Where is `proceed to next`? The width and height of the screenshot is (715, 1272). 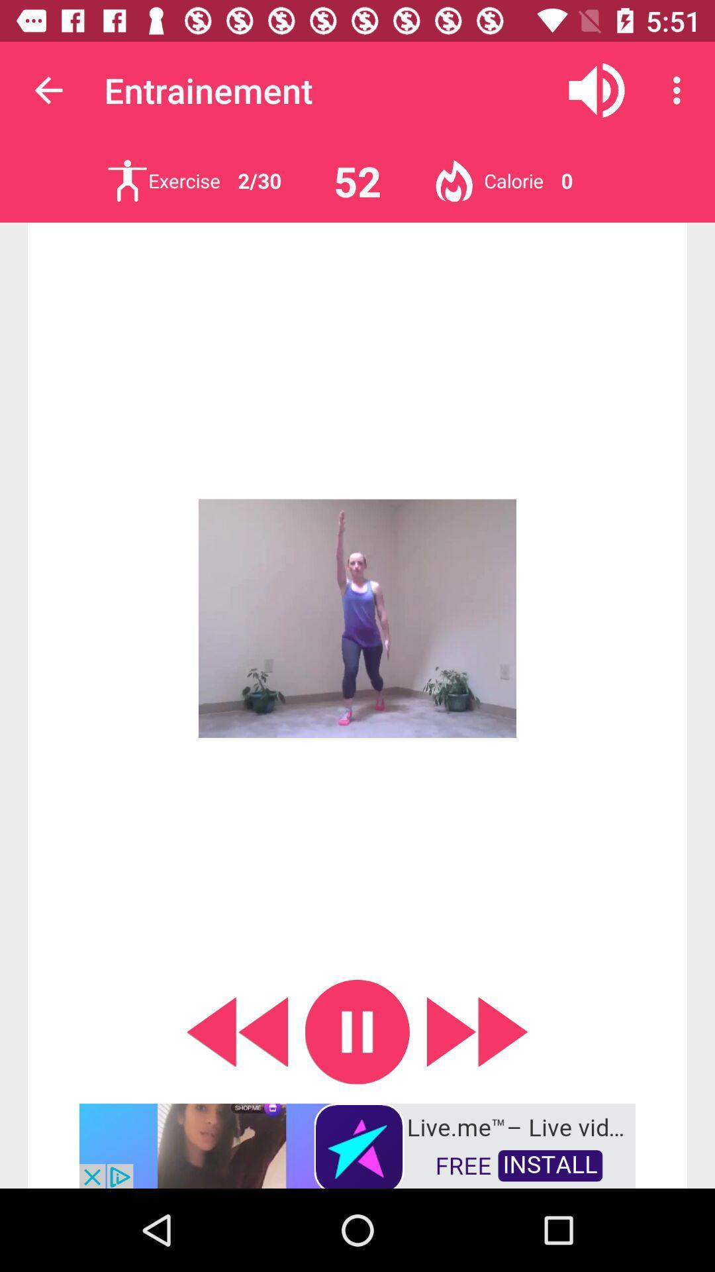
proceed to next is located at coordinates (477, 1031).